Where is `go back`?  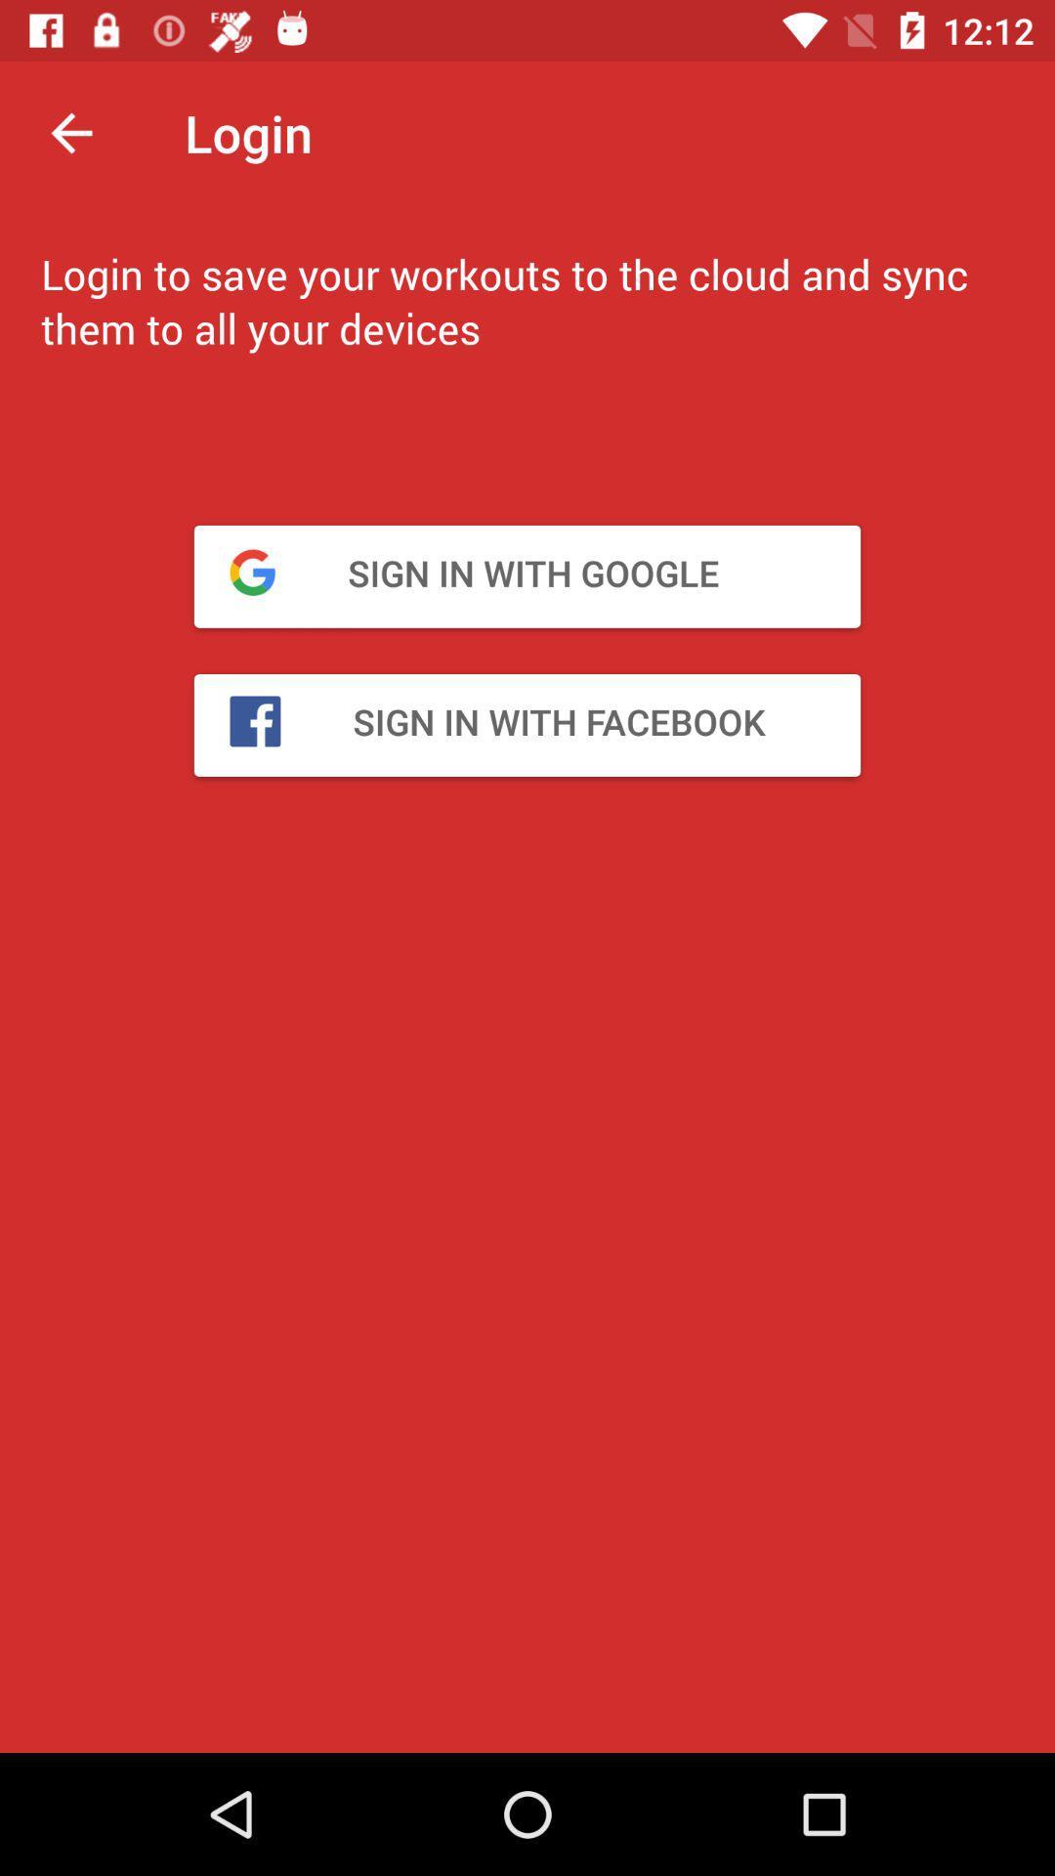 go back is located at coordinates (70, 132).